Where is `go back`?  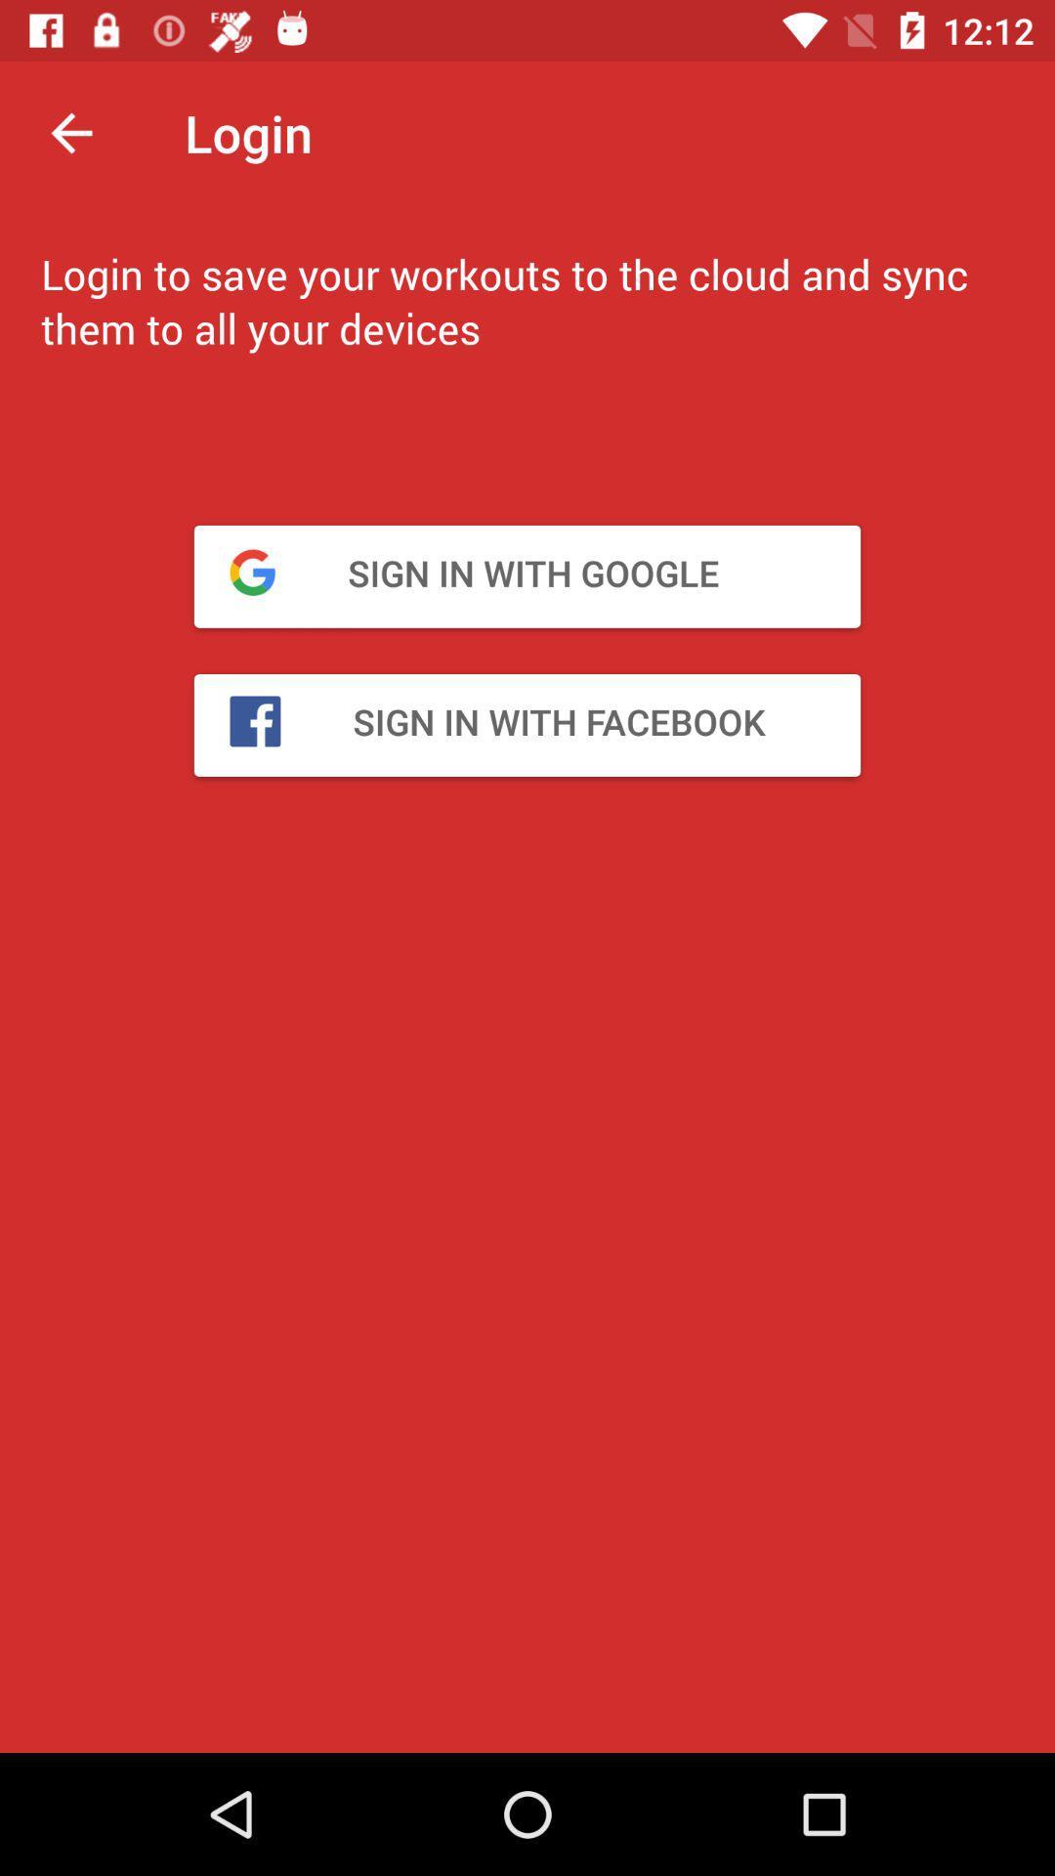 go back is located at coordinates (70, 132).